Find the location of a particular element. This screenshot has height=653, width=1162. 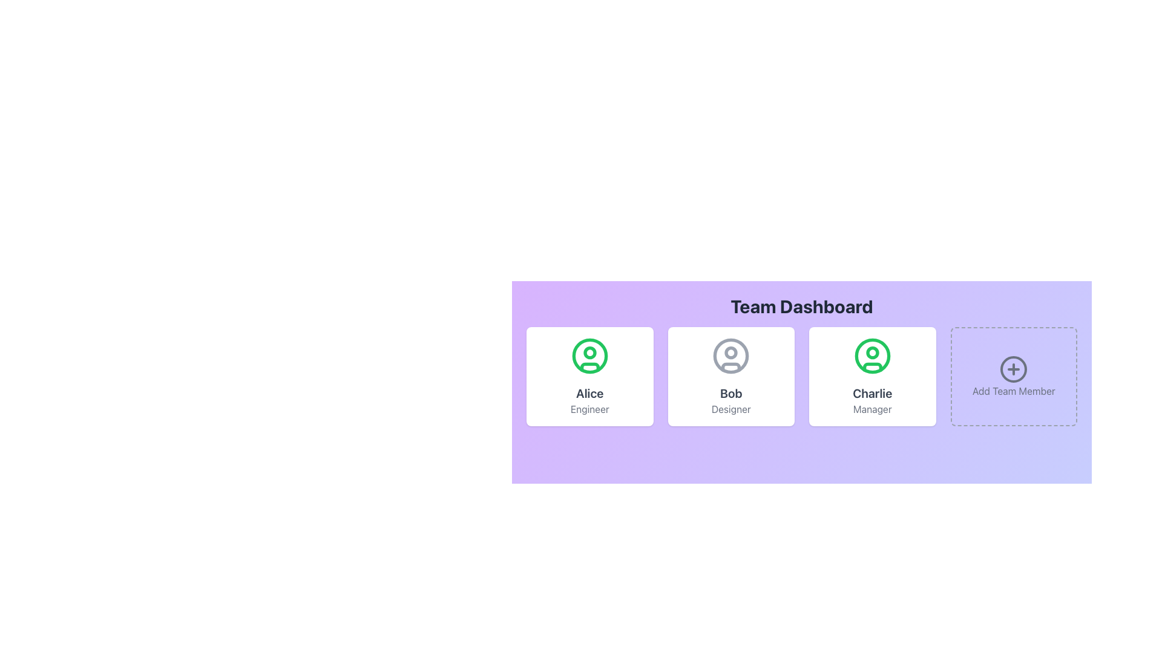

the user profile icon, which is a green circular outline with a smaller filled circle at the top, located in the upper central area of the 'Charlie Manager' card, above the label 'Charlie' is located at coordinates (872, 356).